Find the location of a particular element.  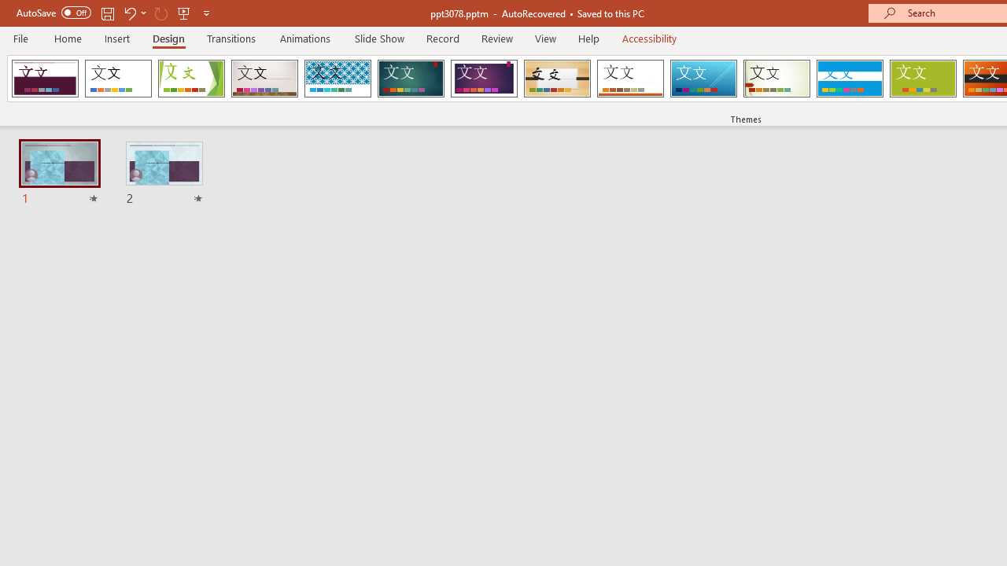

'Slice' is located at coordinates (703, 79).